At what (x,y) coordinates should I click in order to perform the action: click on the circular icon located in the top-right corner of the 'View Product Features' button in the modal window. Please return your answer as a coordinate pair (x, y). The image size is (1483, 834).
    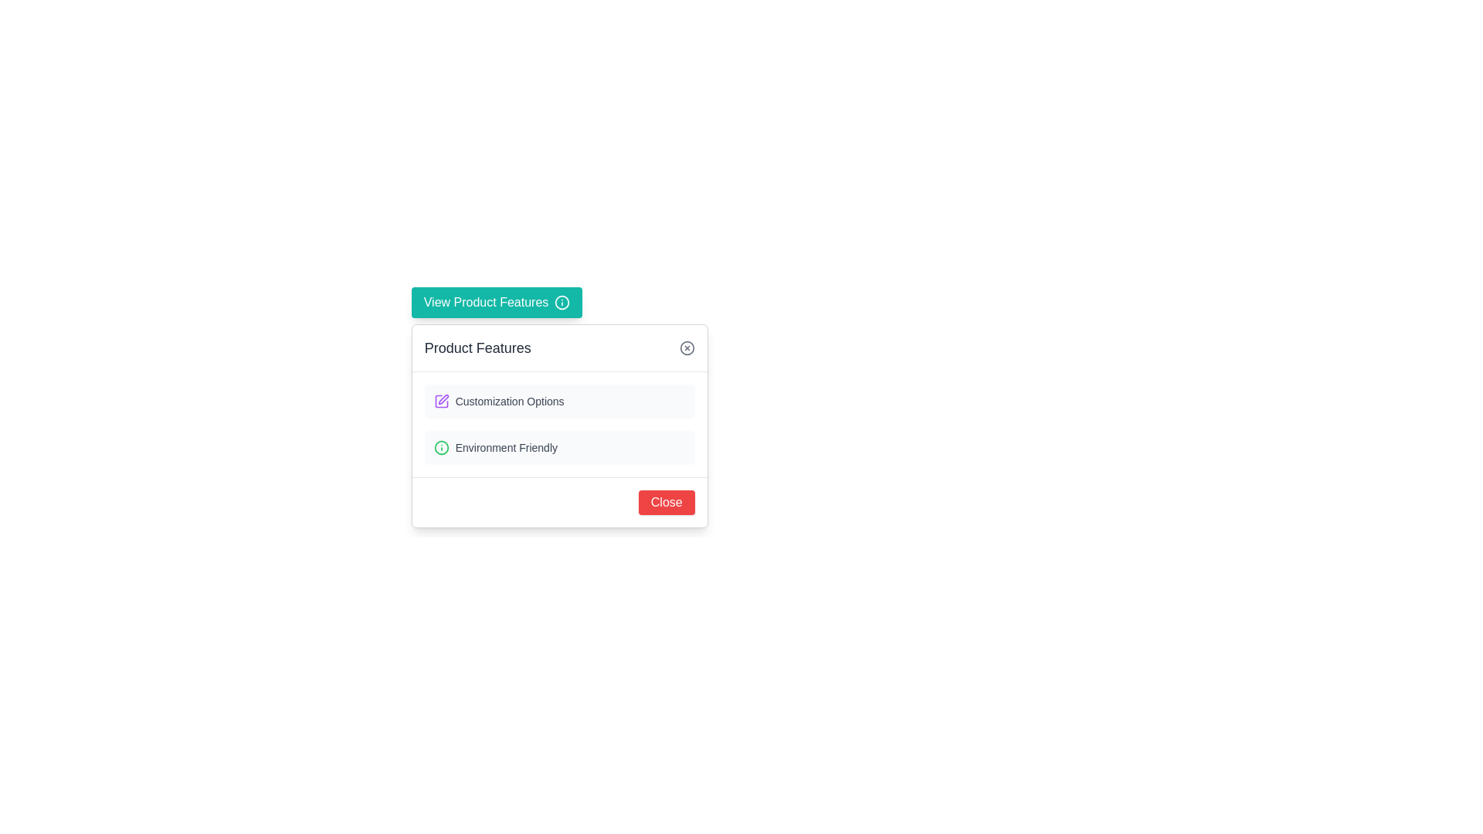
    Looking at the image, I should click on (562, 303).